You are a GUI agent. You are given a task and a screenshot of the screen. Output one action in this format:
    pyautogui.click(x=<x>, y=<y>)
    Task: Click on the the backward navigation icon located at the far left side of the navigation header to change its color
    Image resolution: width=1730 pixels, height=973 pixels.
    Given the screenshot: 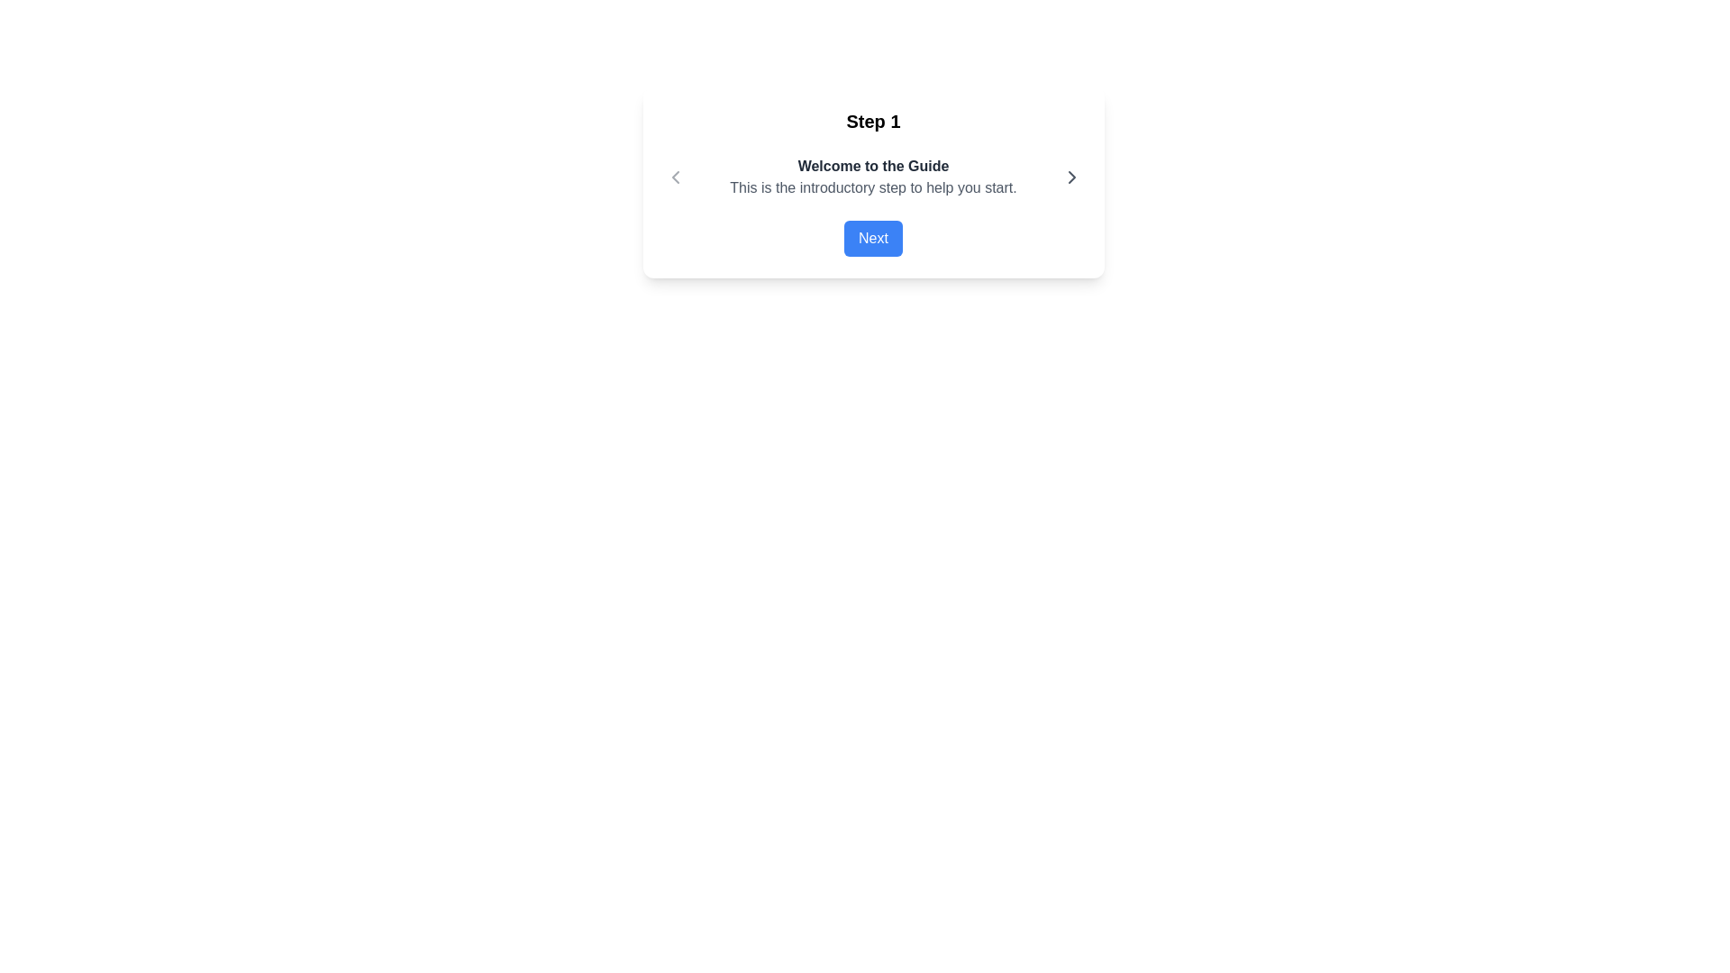 What is the action you would take?
    pyautogui.click(x=674, y=177)
    